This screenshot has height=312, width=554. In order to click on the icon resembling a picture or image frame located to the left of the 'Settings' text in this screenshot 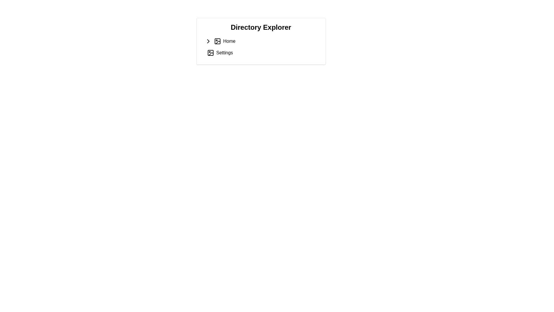, I will do `click(210, 53)`.